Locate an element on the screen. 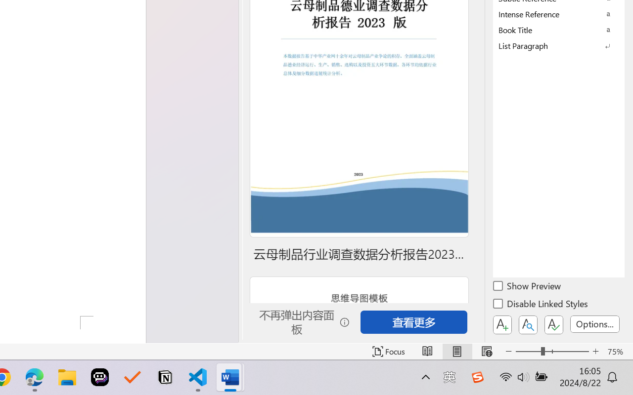  'Zoom' is located at coordinates (551, 351).